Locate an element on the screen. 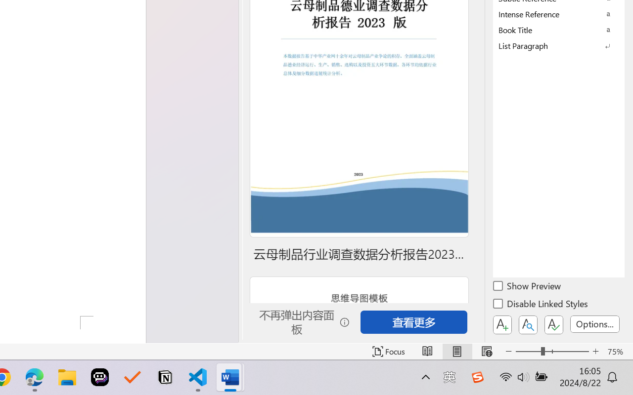  'Zoom' is located at coordinates (551, 351).